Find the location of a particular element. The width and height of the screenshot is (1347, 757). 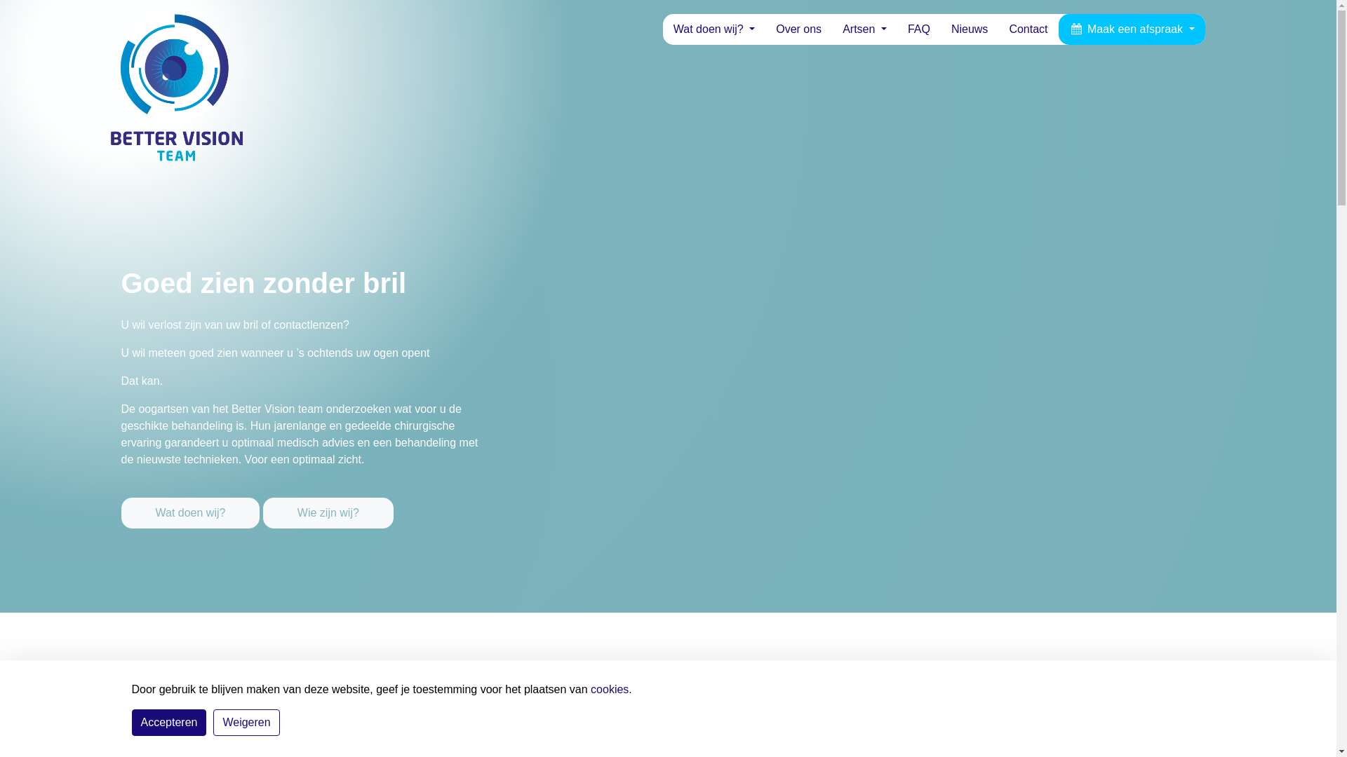

'Weigeren' is located at coordinates (246, 722).